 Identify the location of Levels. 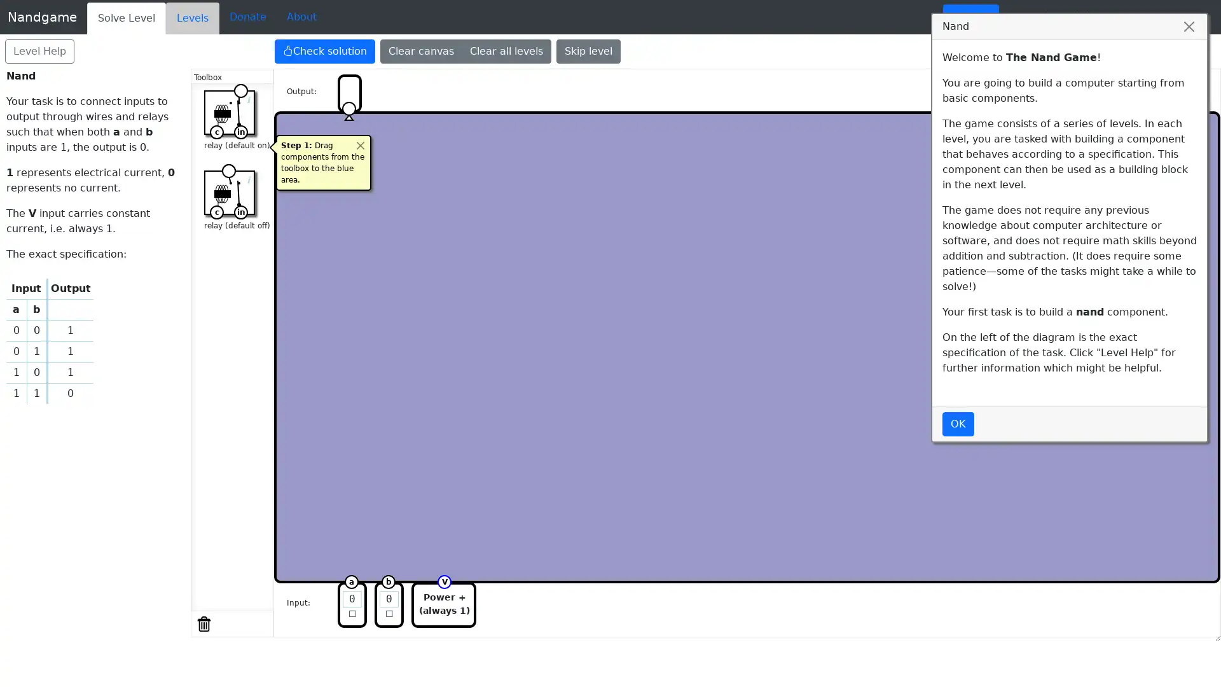
(191, 18).